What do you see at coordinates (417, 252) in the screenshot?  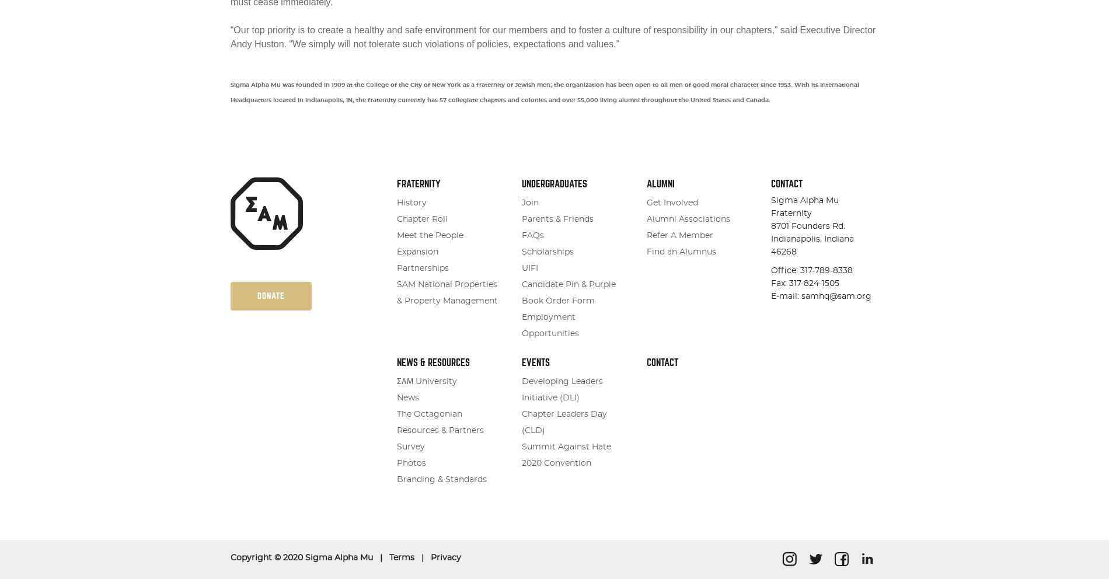 I see `'Expansion'` at bounding box center [417, 252].